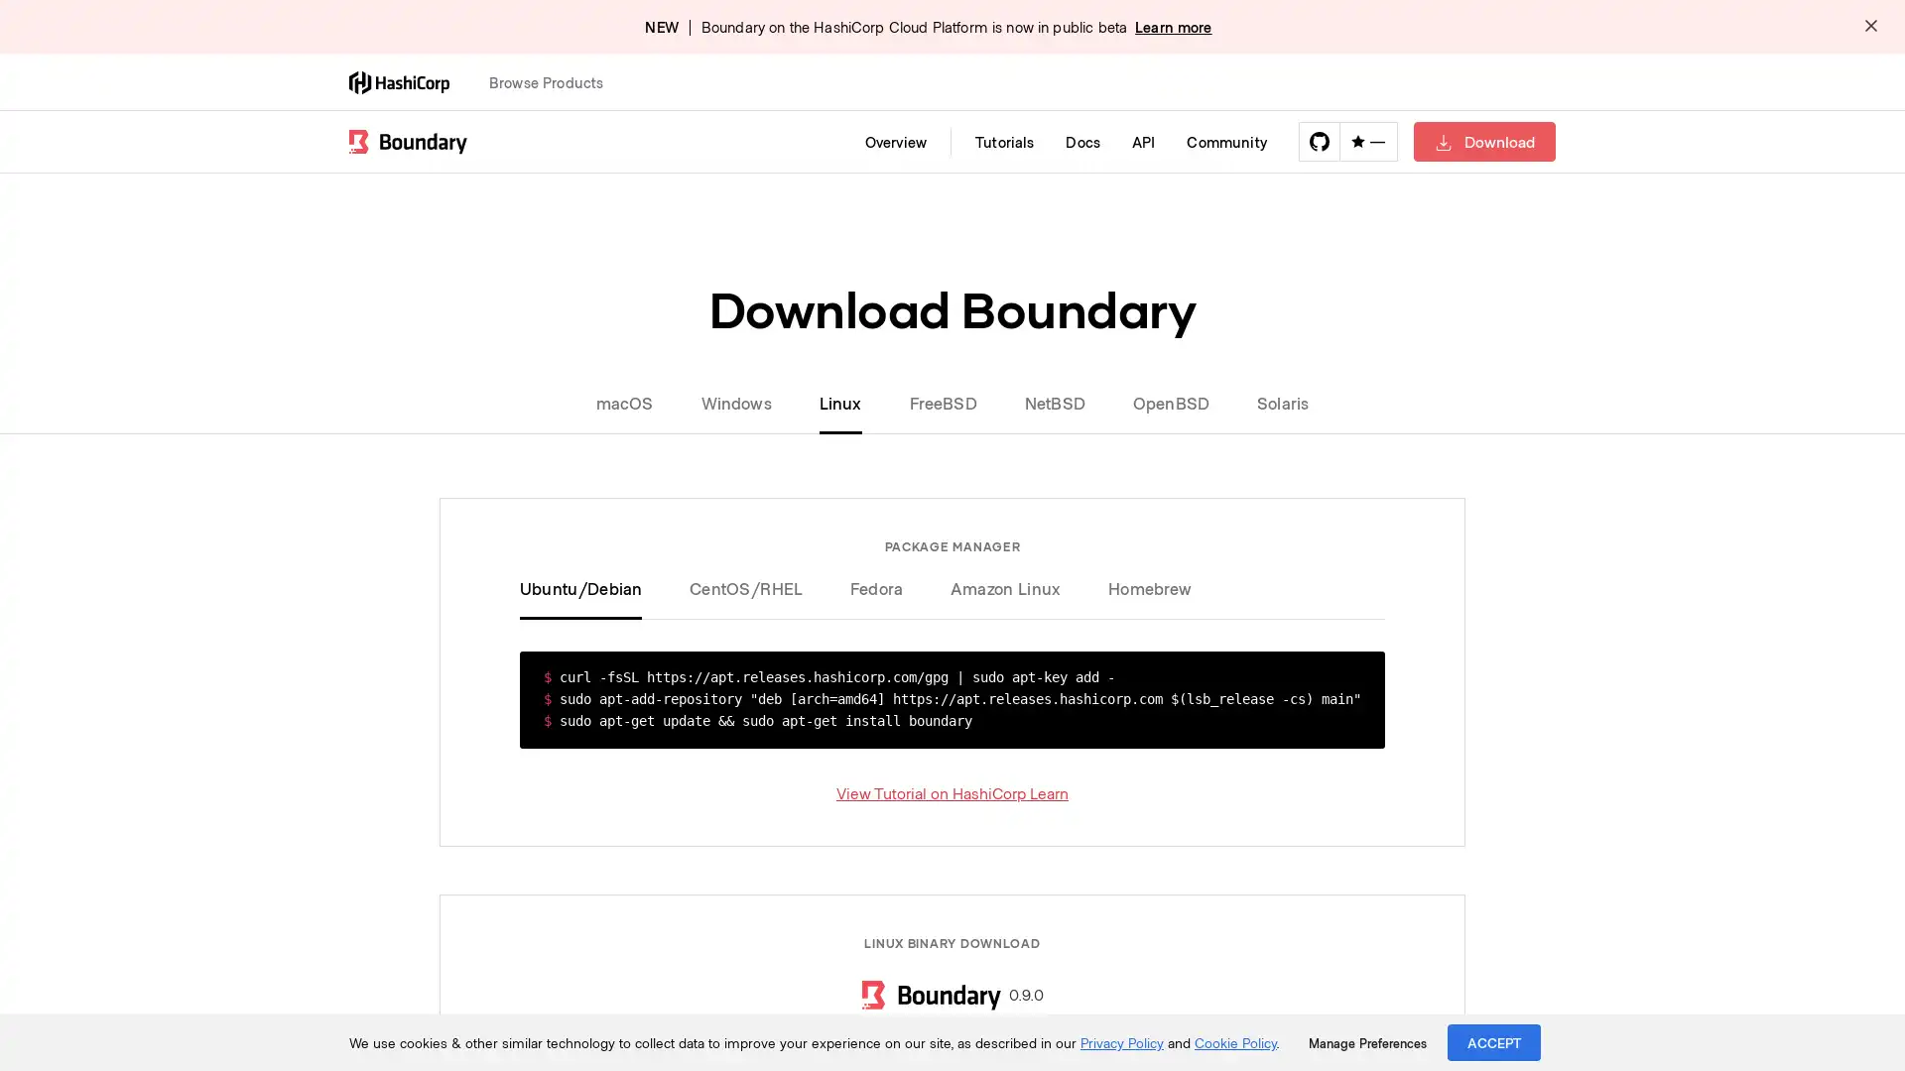 The width and height of the screenshot is (1905, 1071). I want to click on Dismiss alert, so click(1870, 27).